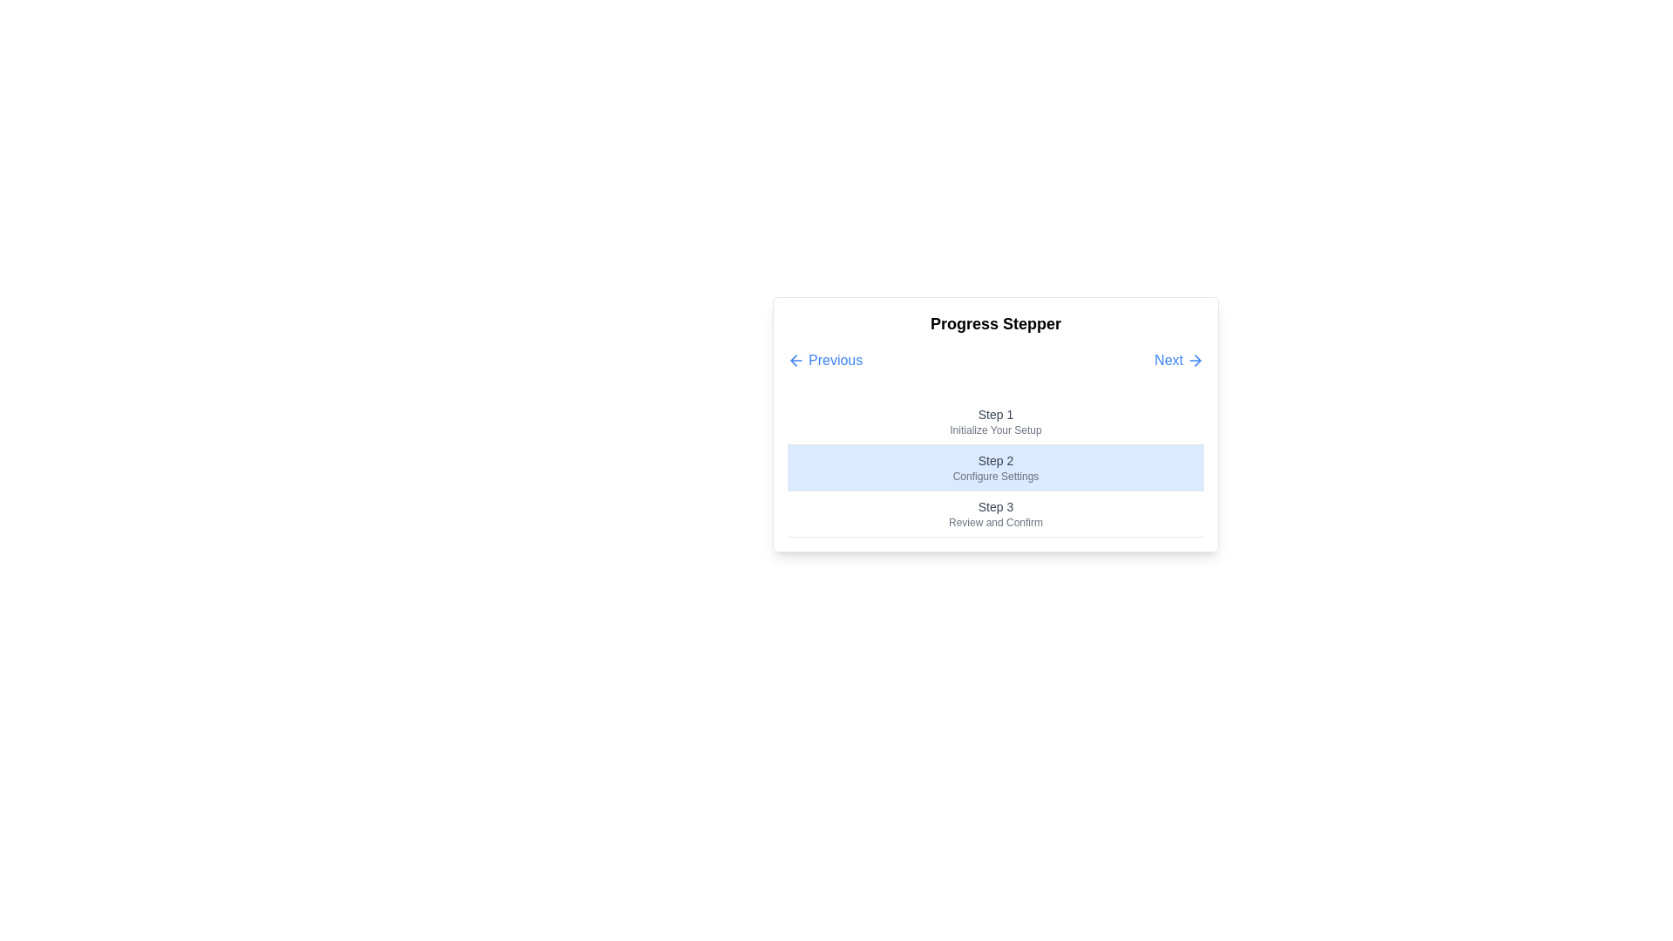  What do you see at coordinates (793, 359) in the screenshot?
I see `the left-pointing arrow icon located to the left of the 'Previous' text link in the progress stepper interface` at bounding box center [793, 359].